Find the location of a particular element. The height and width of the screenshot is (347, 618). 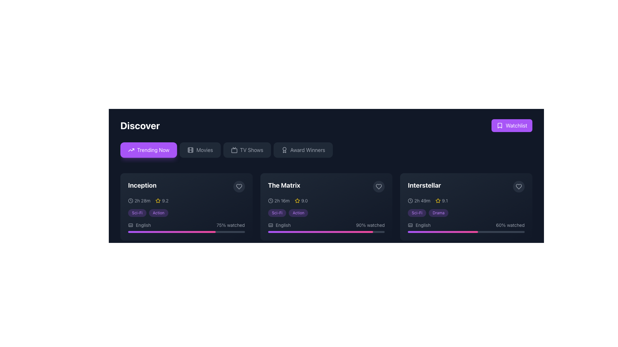

the 'Movies' menu option icon located to the left of the 'Movies' text label in the top row under the 'Discover' heading is located at coordinates (190, 150).